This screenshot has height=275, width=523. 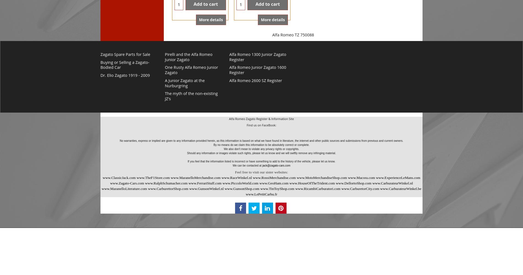 What do you see at coordinates (206, 189) in the screenshot?
I see `'www.GunsonWinkel.nl'` at bounding box center [206, 189].